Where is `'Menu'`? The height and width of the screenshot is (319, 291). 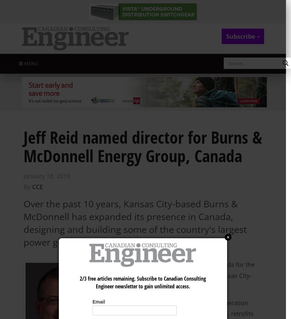
'Menu' is located at coordinates (30, 63).